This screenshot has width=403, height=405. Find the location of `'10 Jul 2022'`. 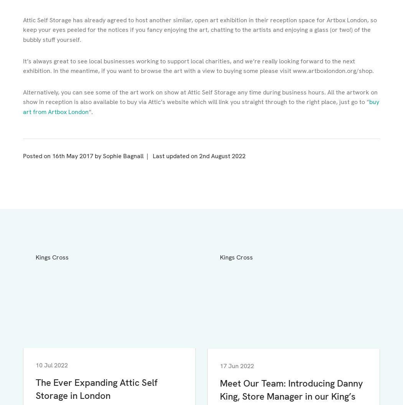

'10 Jul 2022' is located at coordinates (51, 365).